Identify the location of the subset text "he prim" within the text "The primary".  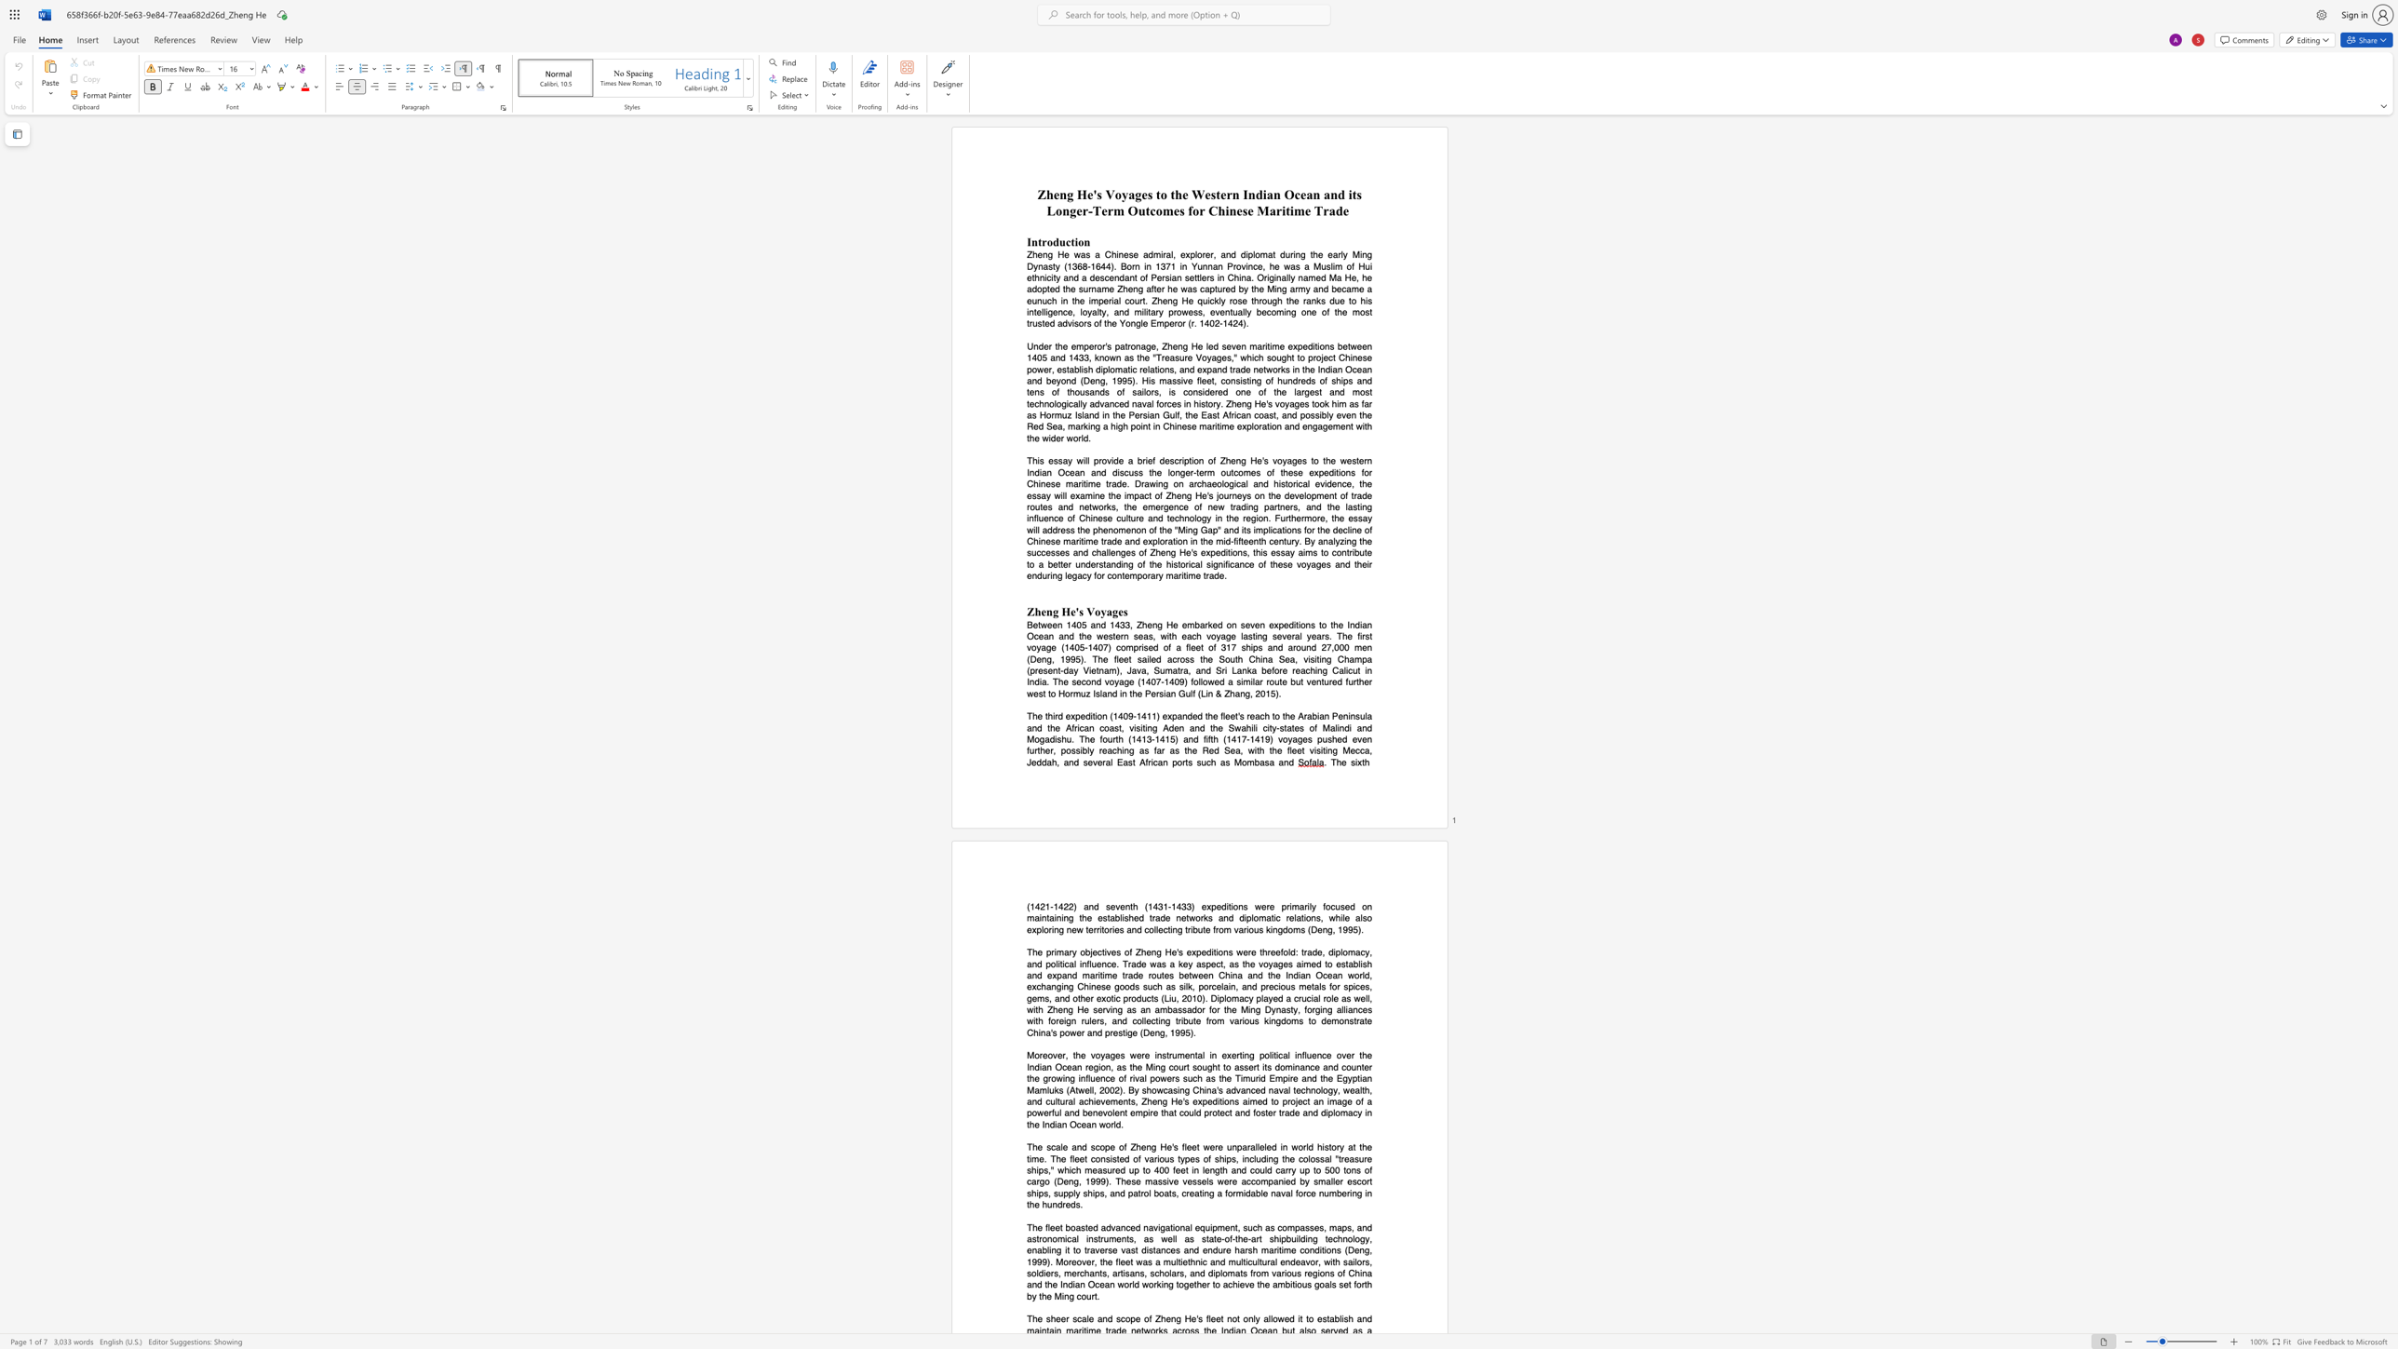
(1031, 952).